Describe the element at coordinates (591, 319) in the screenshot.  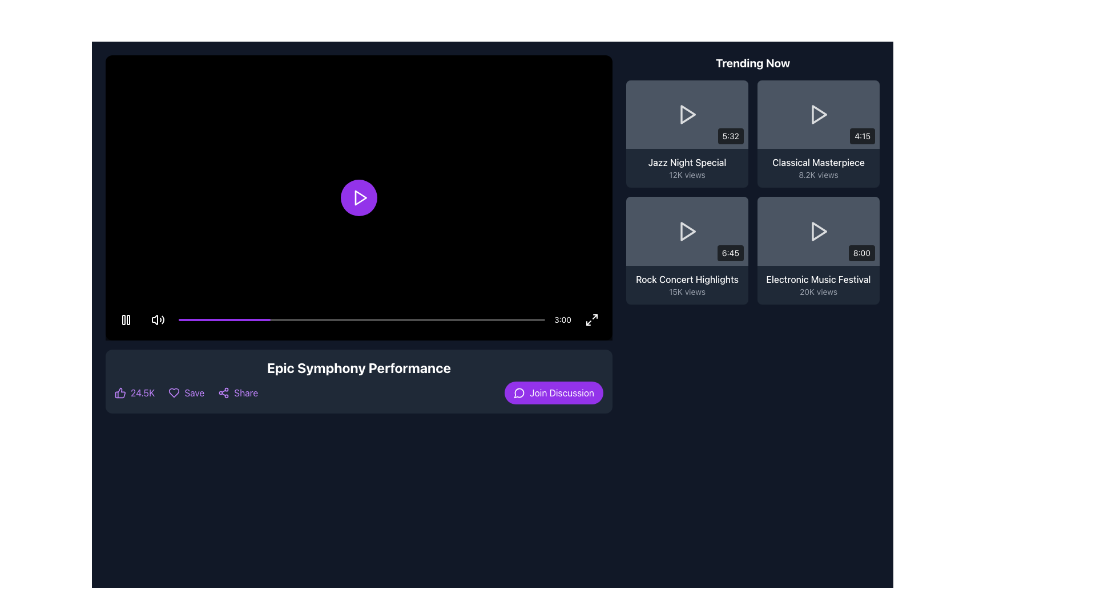
I see `the maximize button, which is a circular button located in the bottom-right corner of the video player, adjacent to the timestamp '3:00'` at that location.